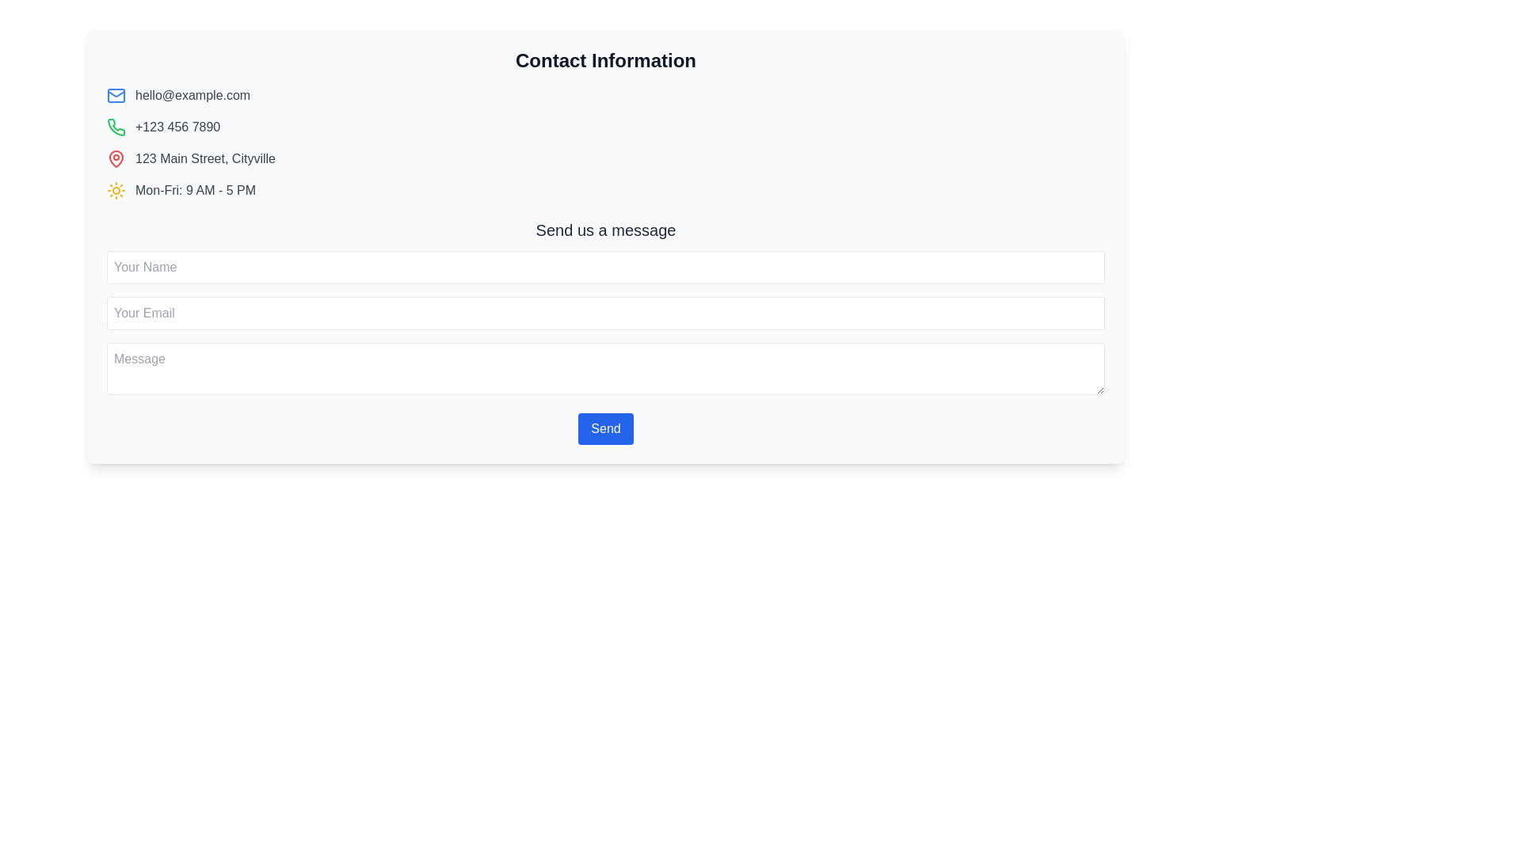  Describe the element at coordinates (195, 189) in the screenshot. I see `static text label displaying 'Mon-Fri: 9 AM - 5 PM', which is the fourth item in the contact information section, located to the right of the sun icon` at that location.